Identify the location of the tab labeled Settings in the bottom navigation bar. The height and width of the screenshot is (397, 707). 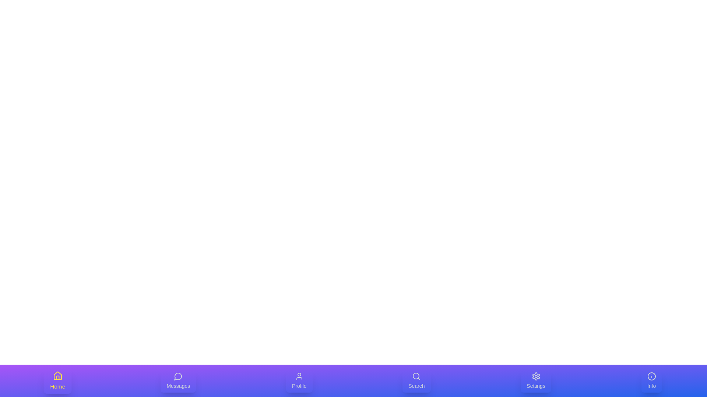
(535, 380).